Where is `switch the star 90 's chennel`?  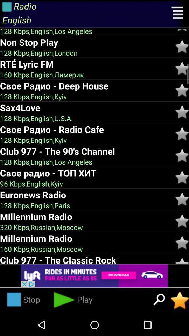 switch the star 90 's chennel is located at coordinates (182, 155).